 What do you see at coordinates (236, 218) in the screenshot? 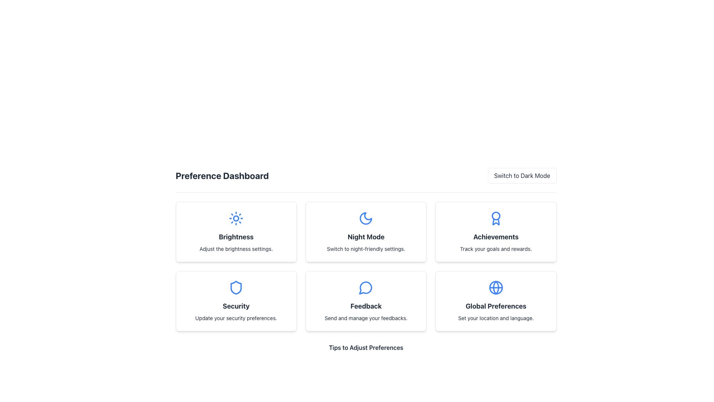
I see `the 'Brightness' setting icon, which is the first item in the grid of settings options located at the top left of the interface` at bounding box center [236, 218].